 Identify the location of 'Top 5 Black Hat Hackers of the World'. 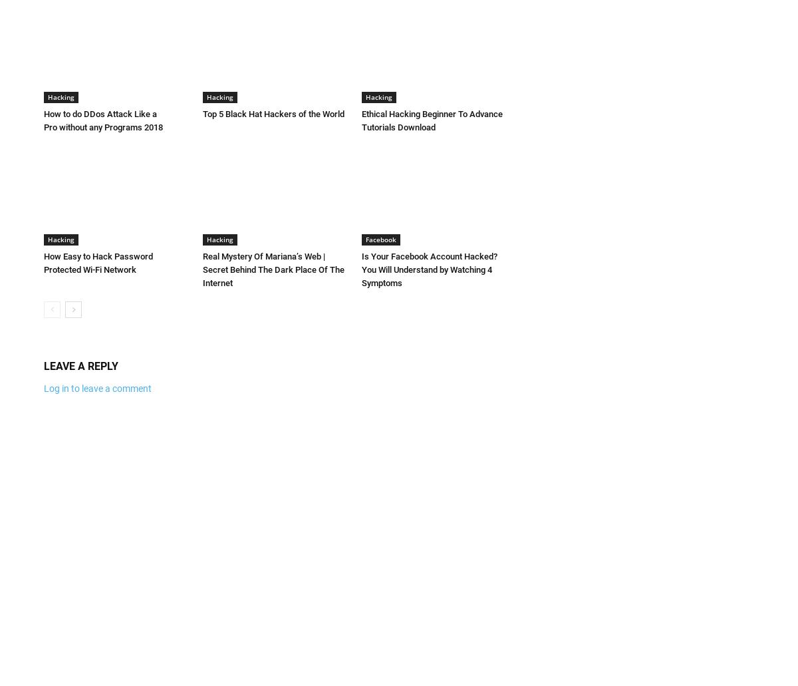
(273, 112).